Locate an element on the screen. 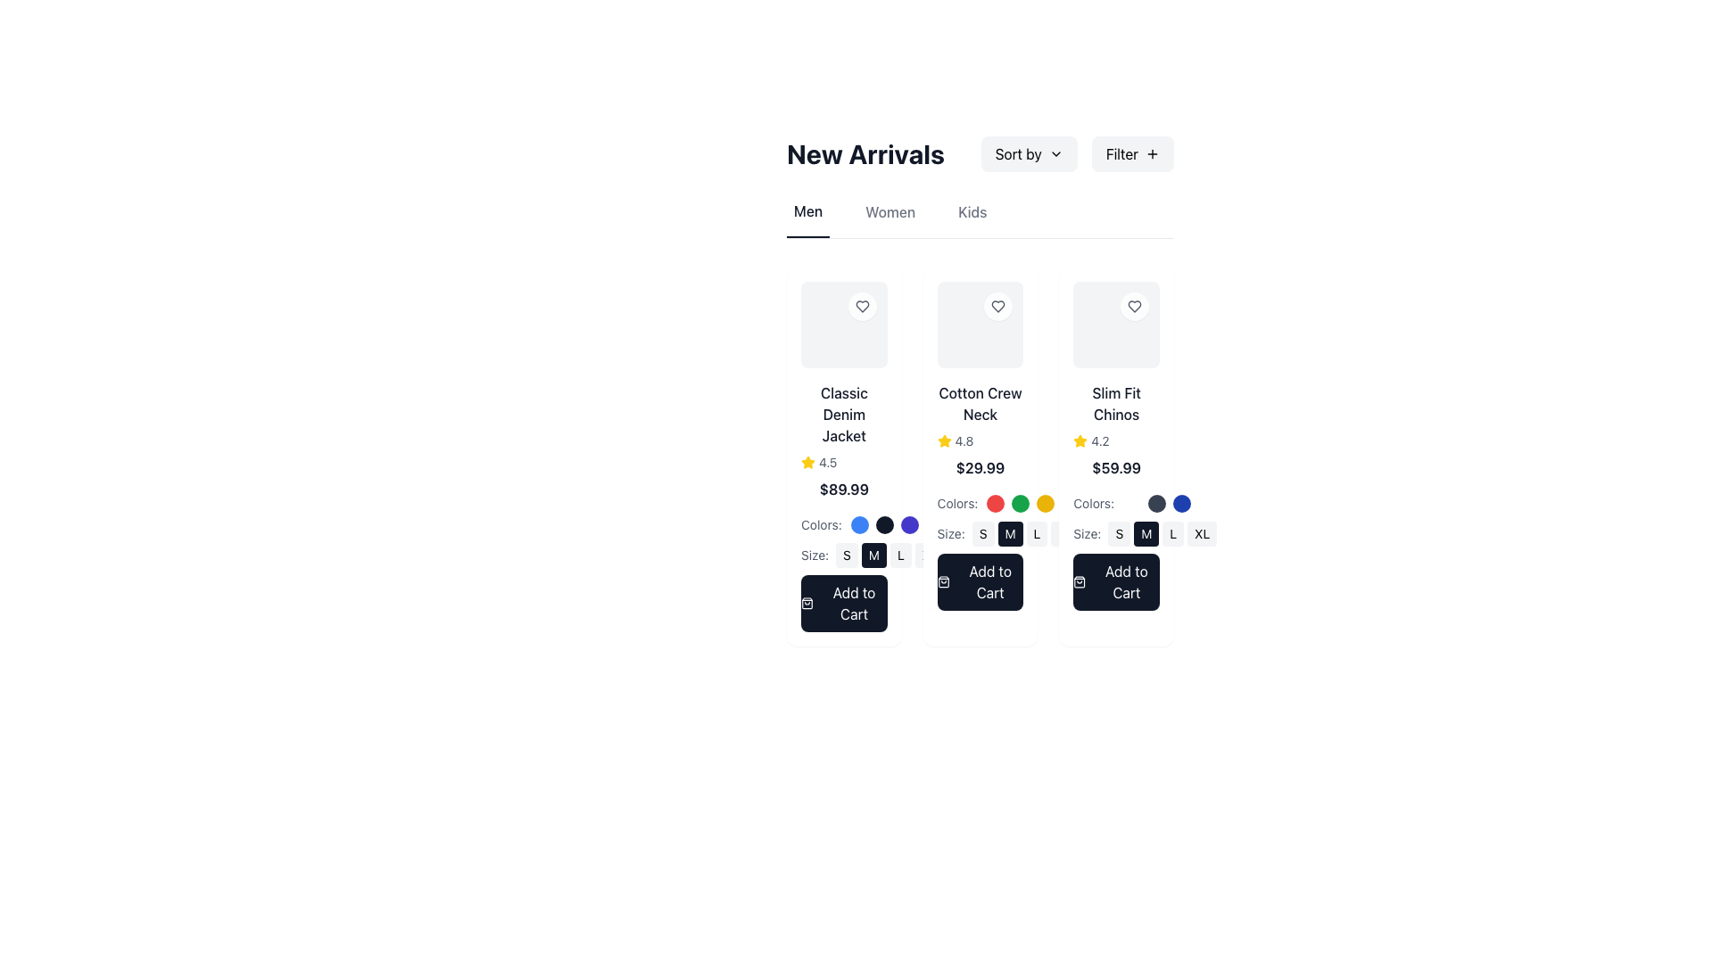  the yellow star icon located next to the numerical text '4.8' in the second card under the 'New Arrivals' section is located at coordinates (943, 440).